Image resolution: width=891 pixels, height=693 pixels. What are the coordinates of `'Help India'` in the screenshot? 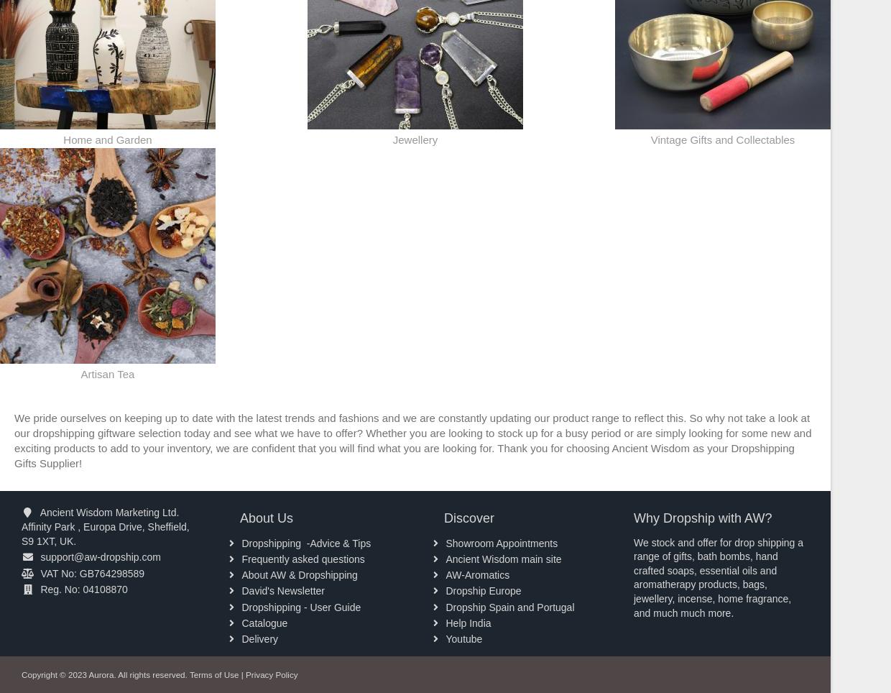 It's located at (445, 622).